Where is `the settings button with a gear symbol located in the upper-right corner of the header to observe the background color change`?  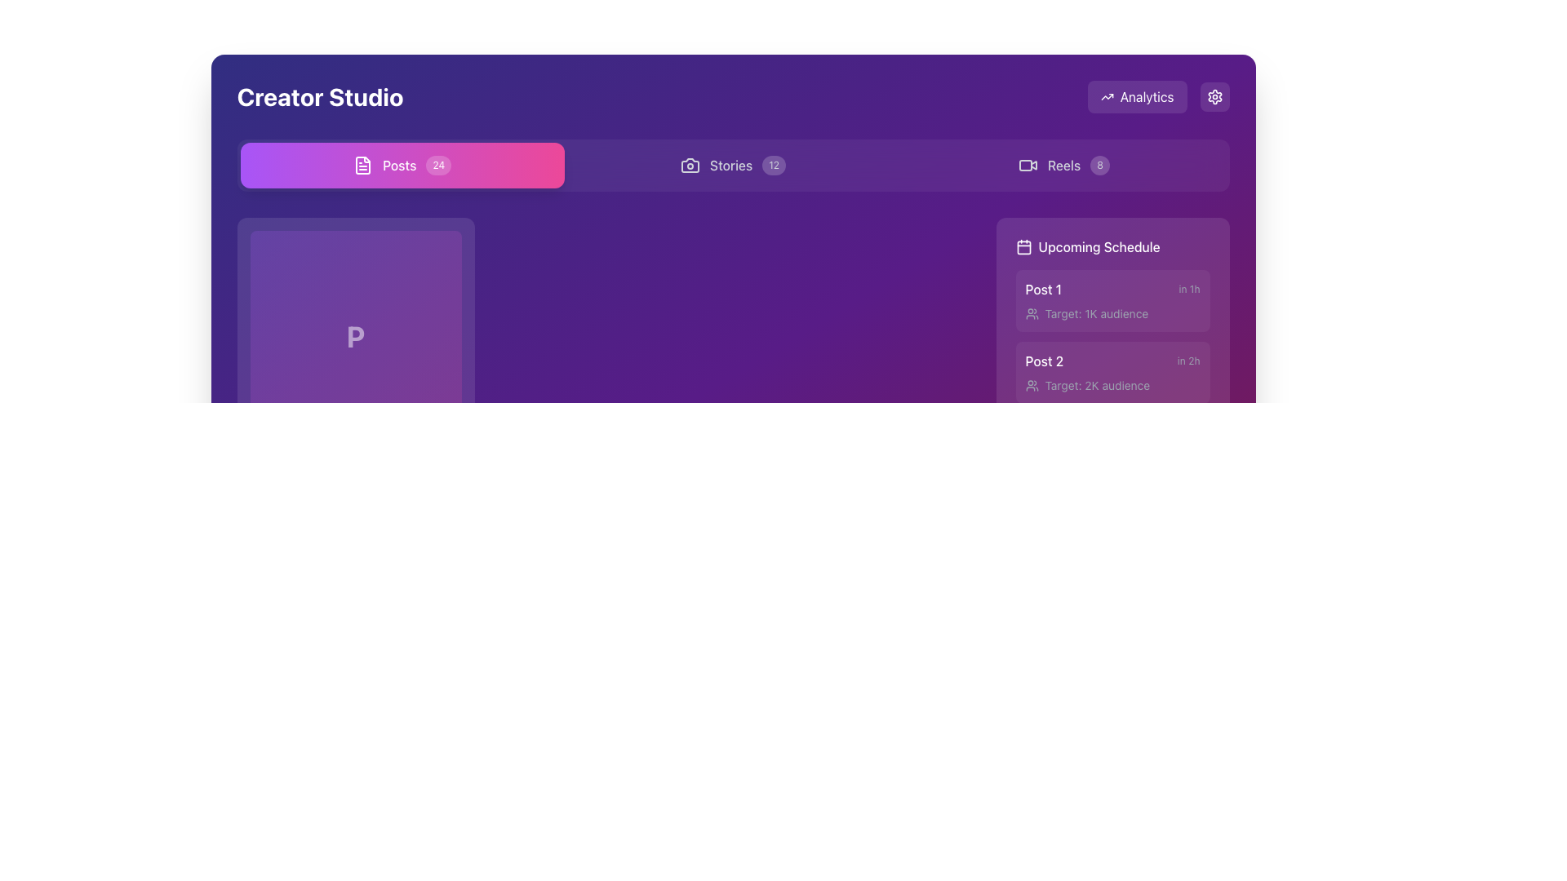 the settings button with a gear symbol located in the upper-right corner of the header to observe the background color change is located at coordinates (1214, 97).